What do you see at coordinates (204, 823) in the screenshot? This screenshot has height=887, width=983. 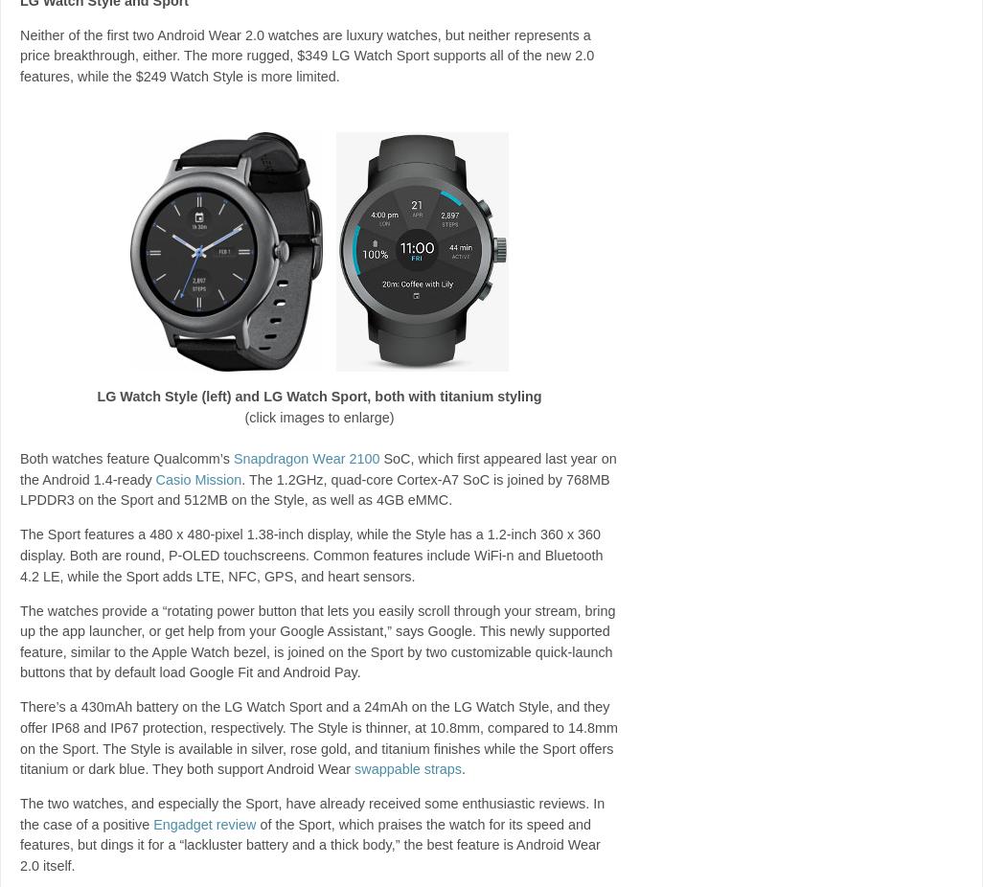 I see `'Engadget review'` at bounding box center [204, 823].